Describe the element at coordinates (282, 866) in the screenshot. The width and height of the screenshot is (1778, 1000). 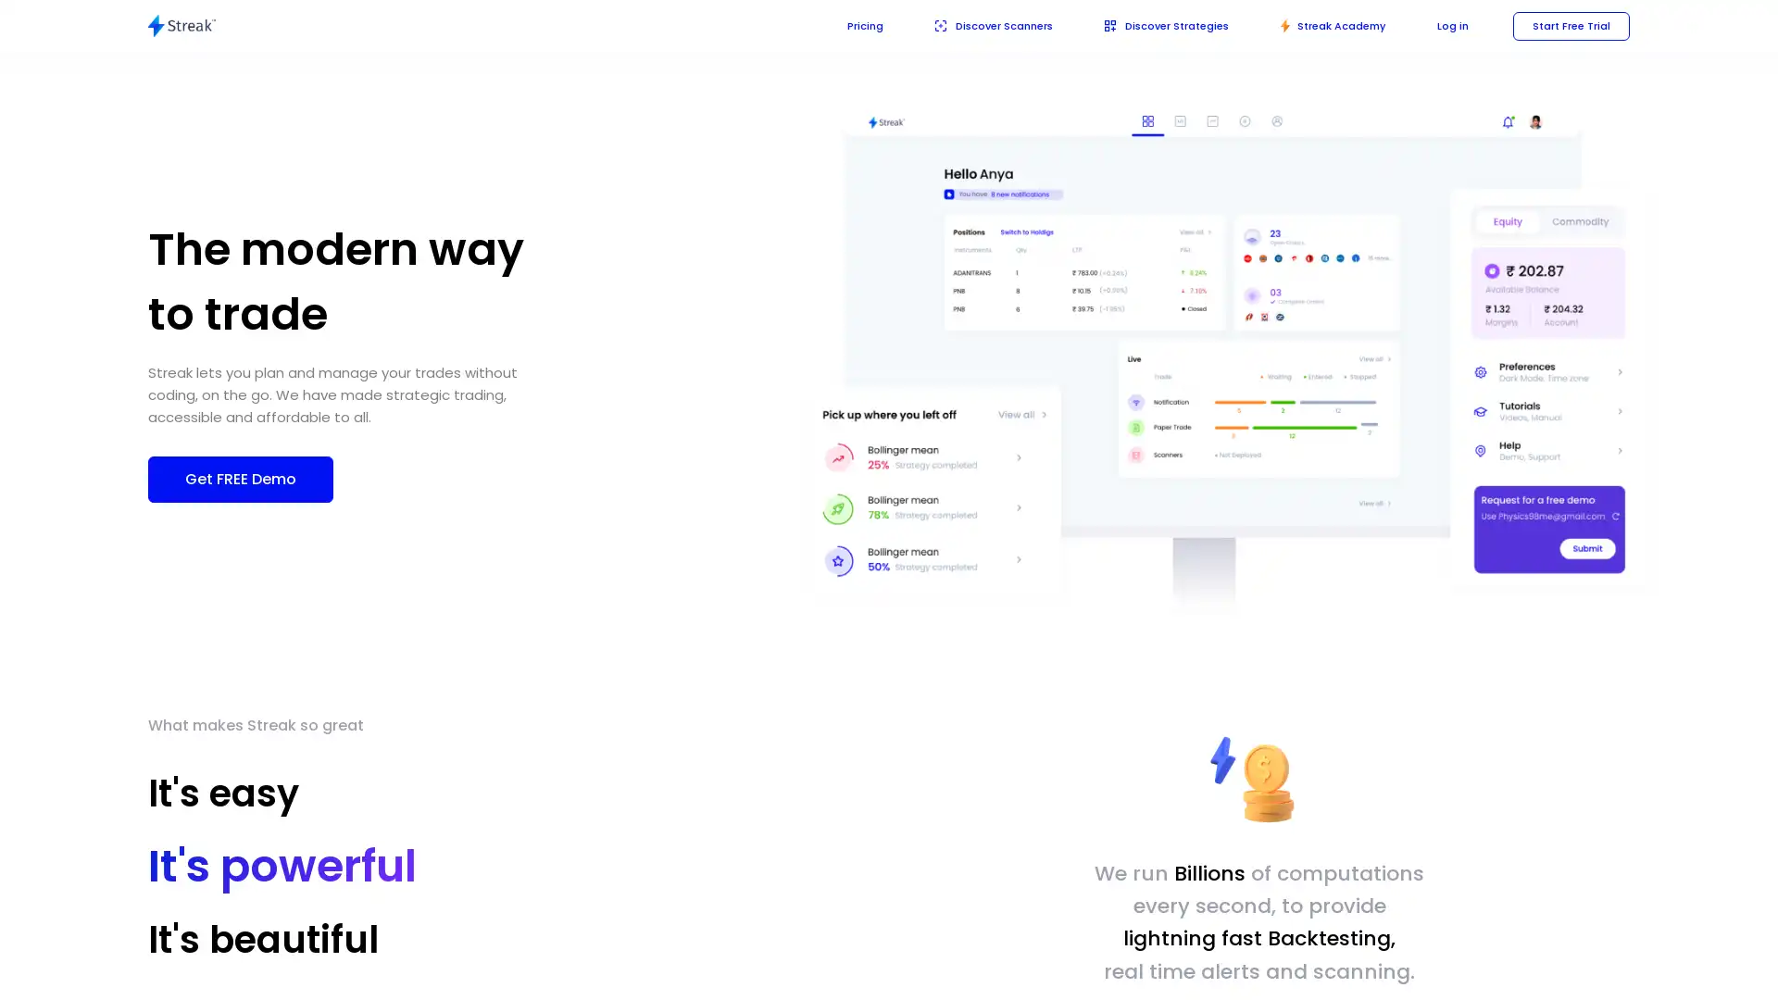
I see `It's powerful` at that location.